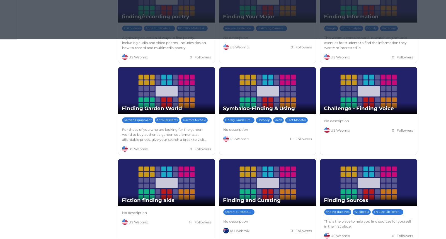 The image size is (446, 239). Describe the element at coordinates (361, 211) in the screenshot. I see `'Wikipedia'` at that location.